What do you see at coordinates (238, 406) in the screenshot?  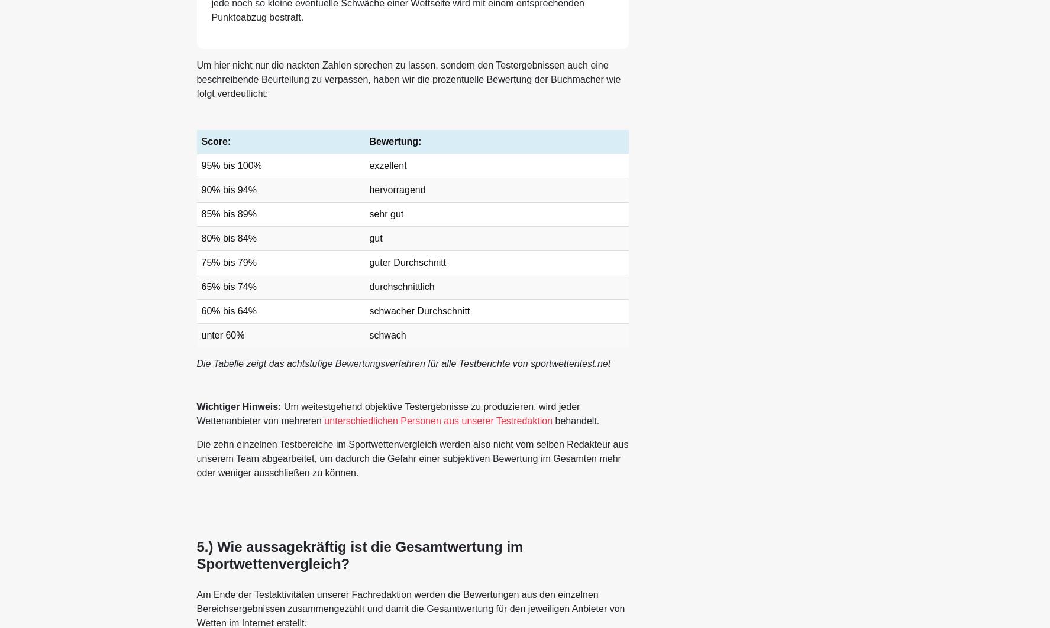 I see `'Wichtiger Hinweis:'` at bounding box center [238, 406].